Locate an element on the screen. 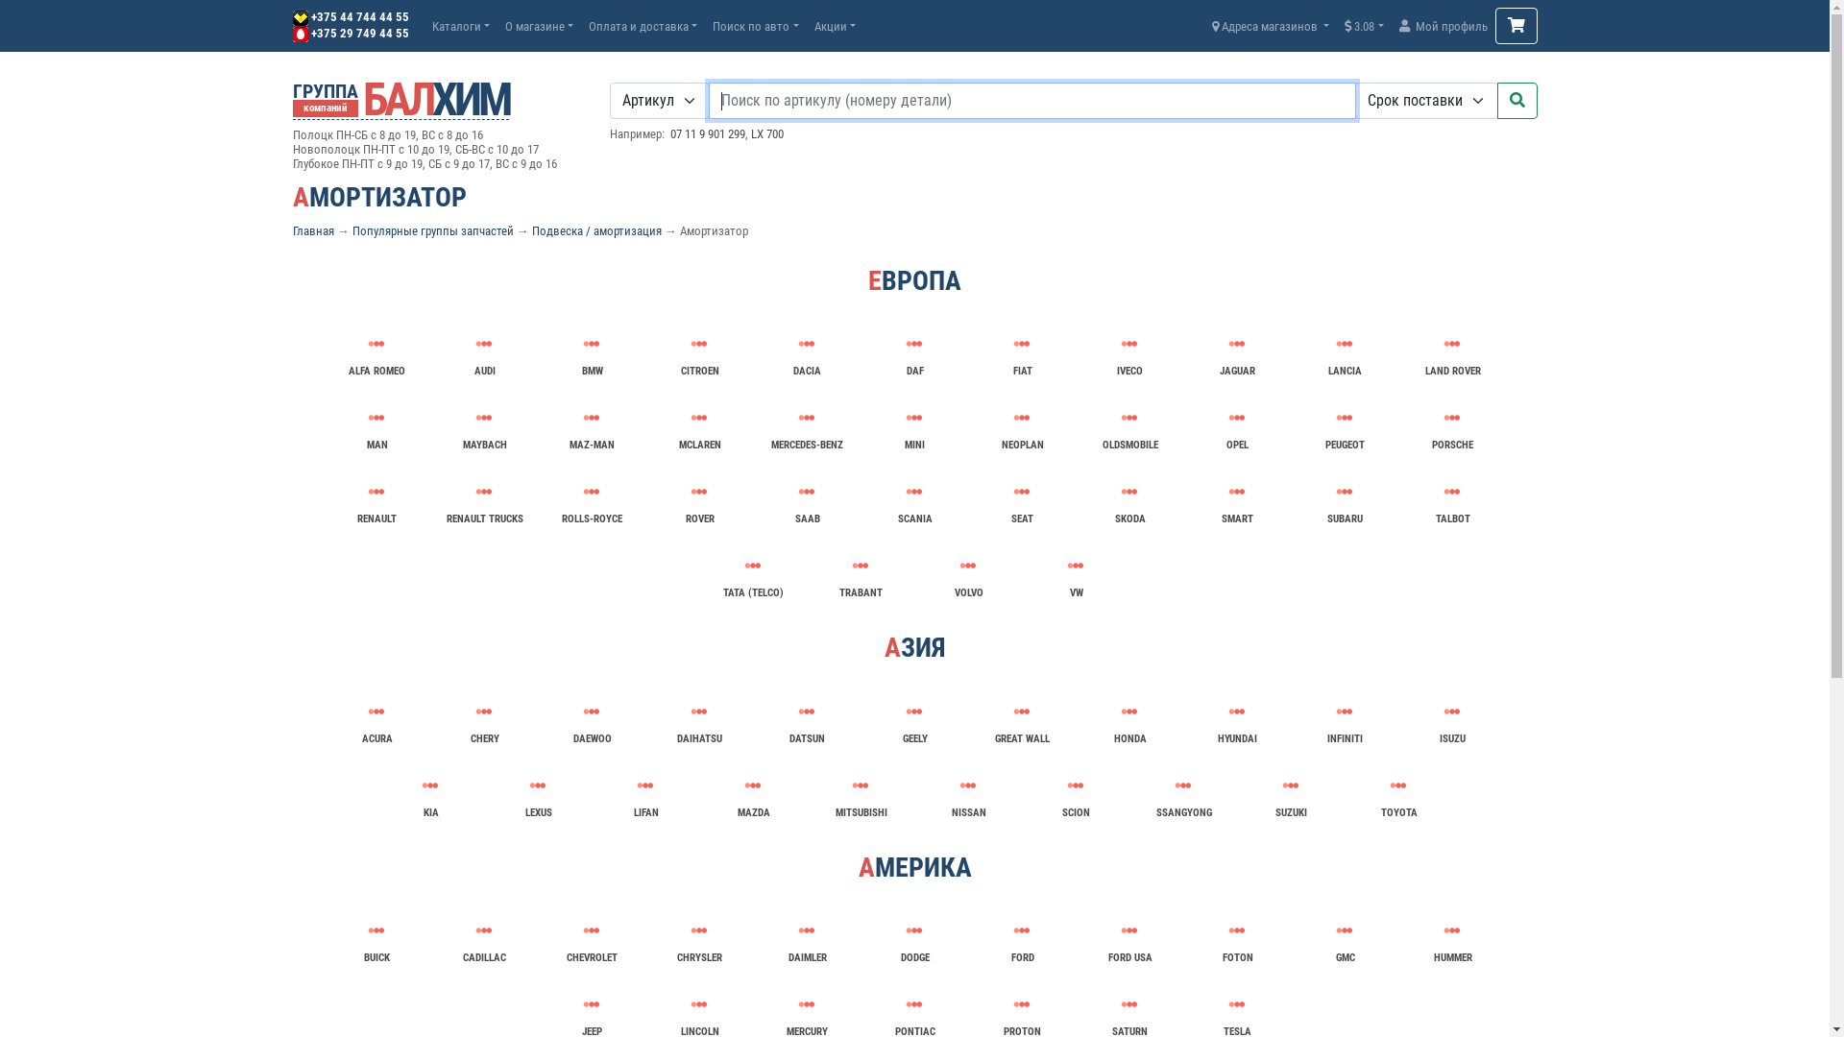  'LANCIA' is located at coordinates (1344, 343).